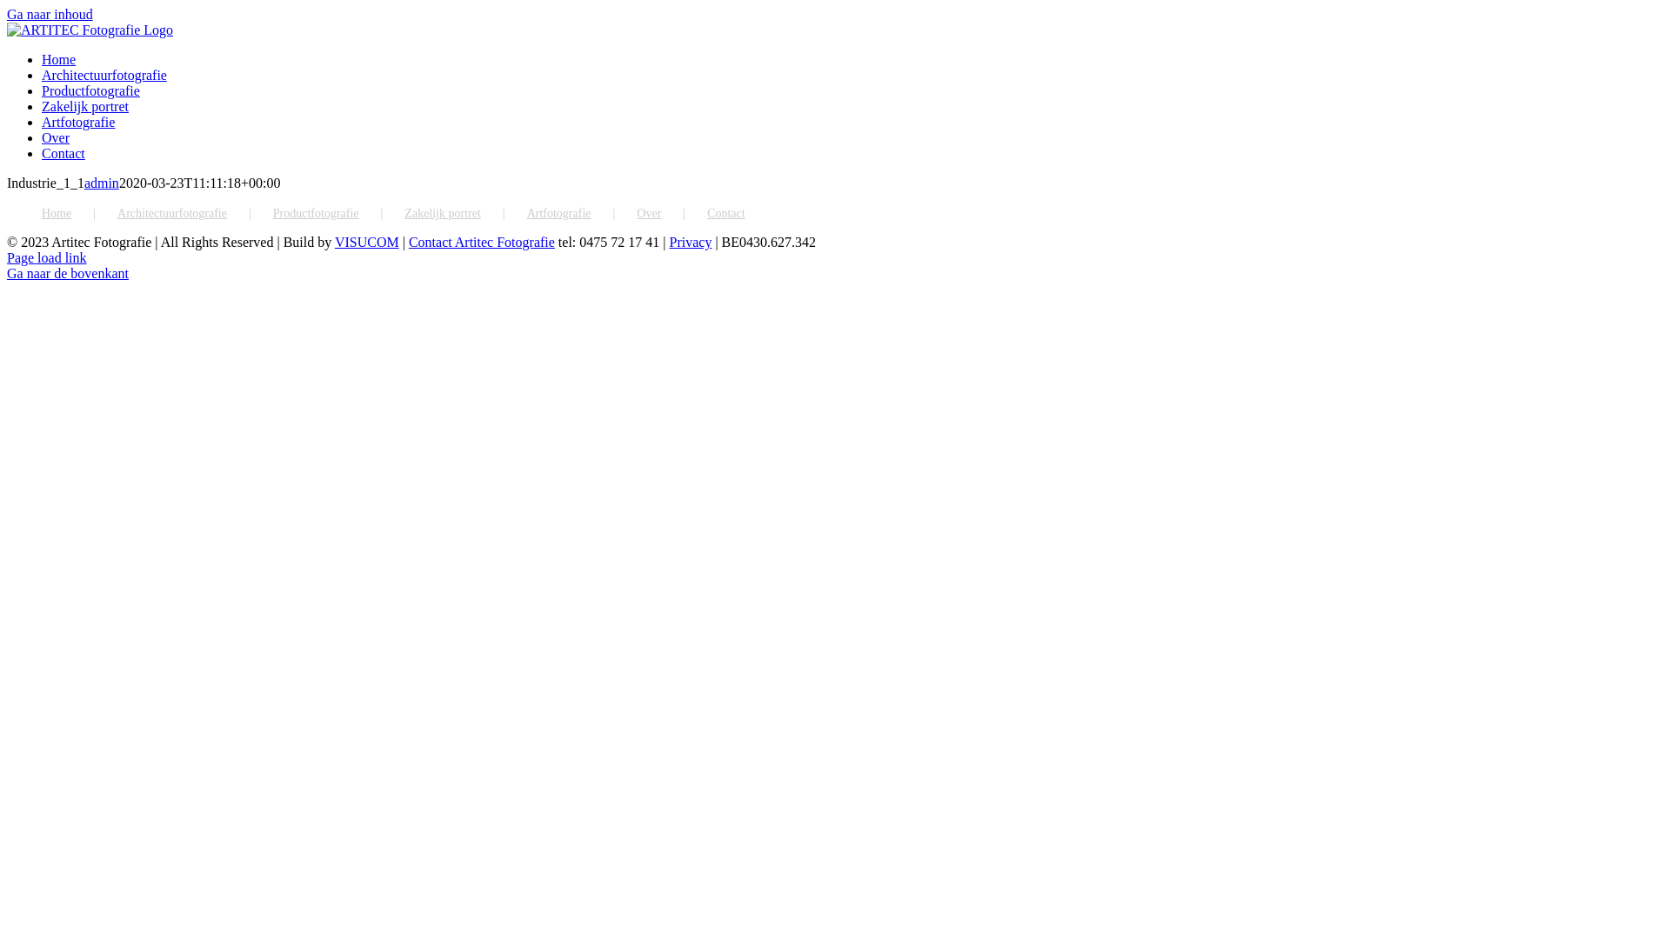 The height and width of the screenshot is (939, 1670). I want to click on 'Over', so click(55, 137).